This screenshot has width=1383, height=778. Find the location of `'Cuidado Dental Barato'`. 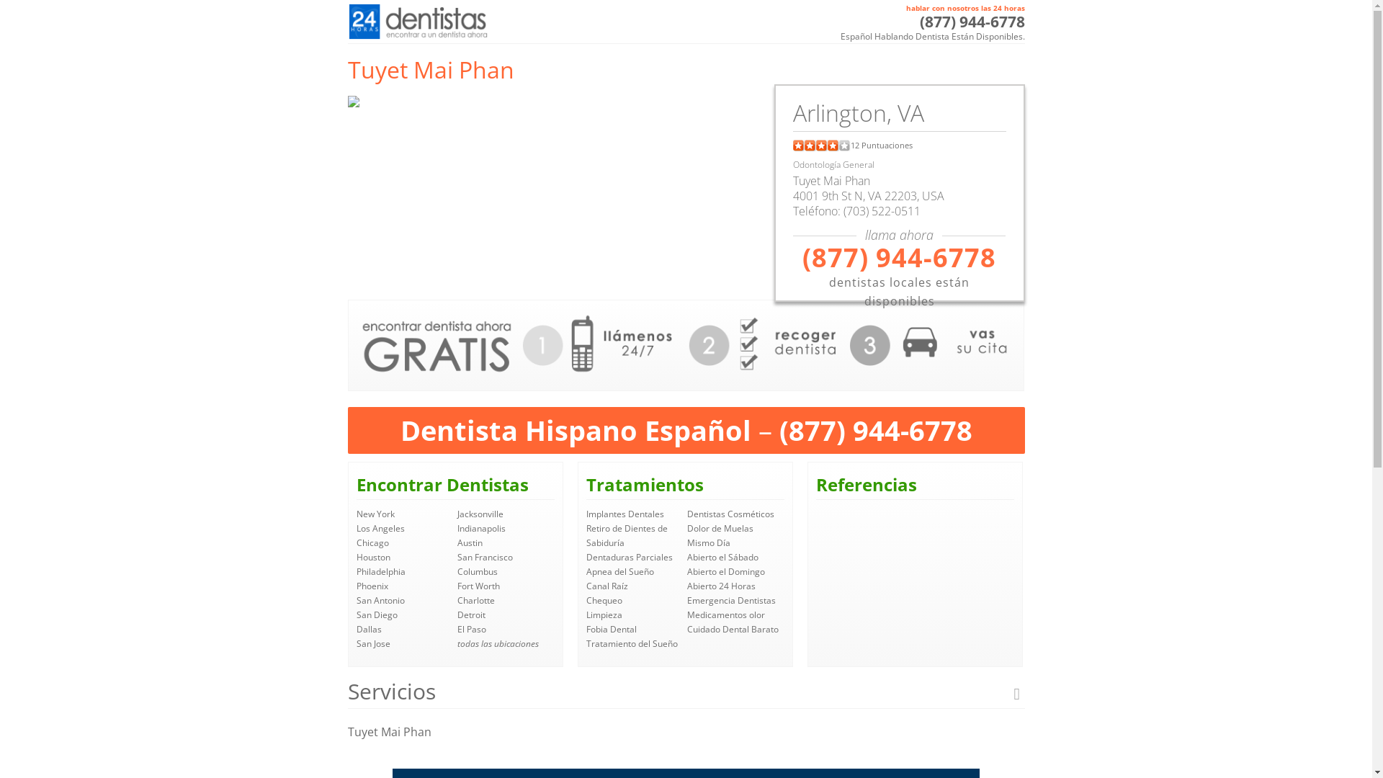

'Cuidado Dental Barato' is located at coordinates (733, 628).